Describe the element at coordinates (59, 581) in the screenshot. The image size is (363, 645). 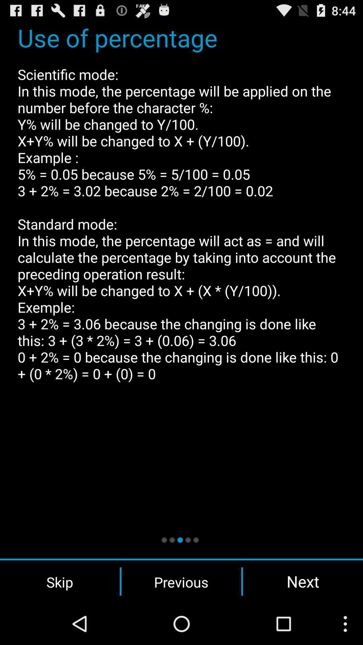
I see `the skip item` at that location.